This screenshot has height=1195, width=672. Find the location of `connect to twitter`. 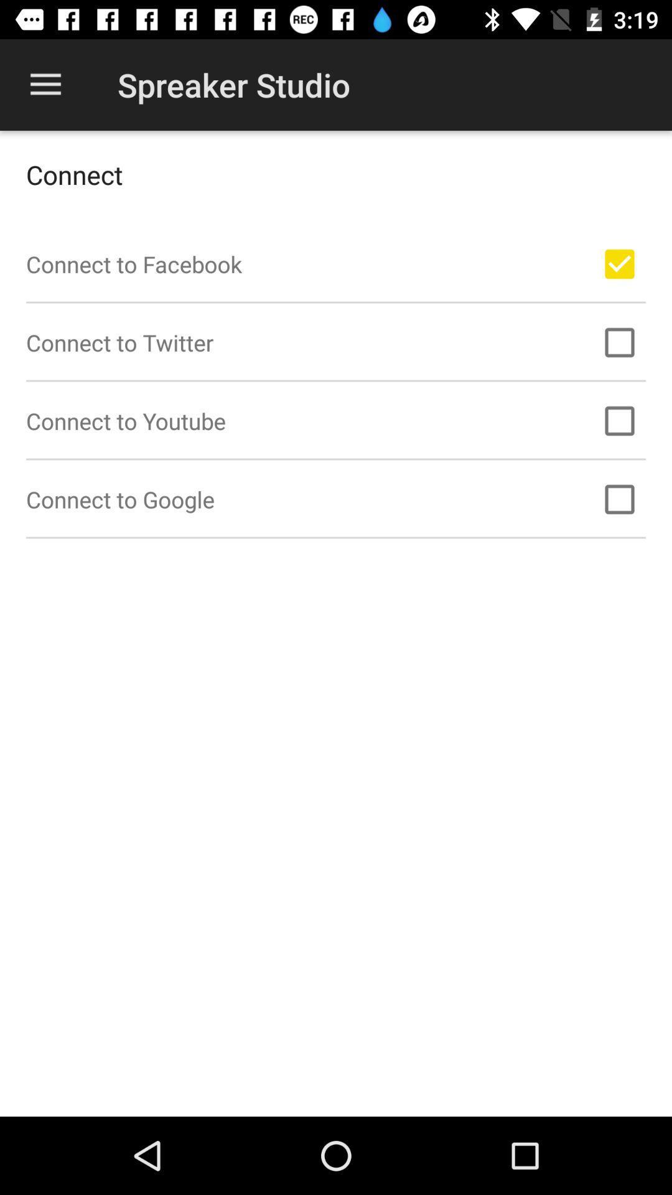

connect to twitter is located at coordinates (619, 342).